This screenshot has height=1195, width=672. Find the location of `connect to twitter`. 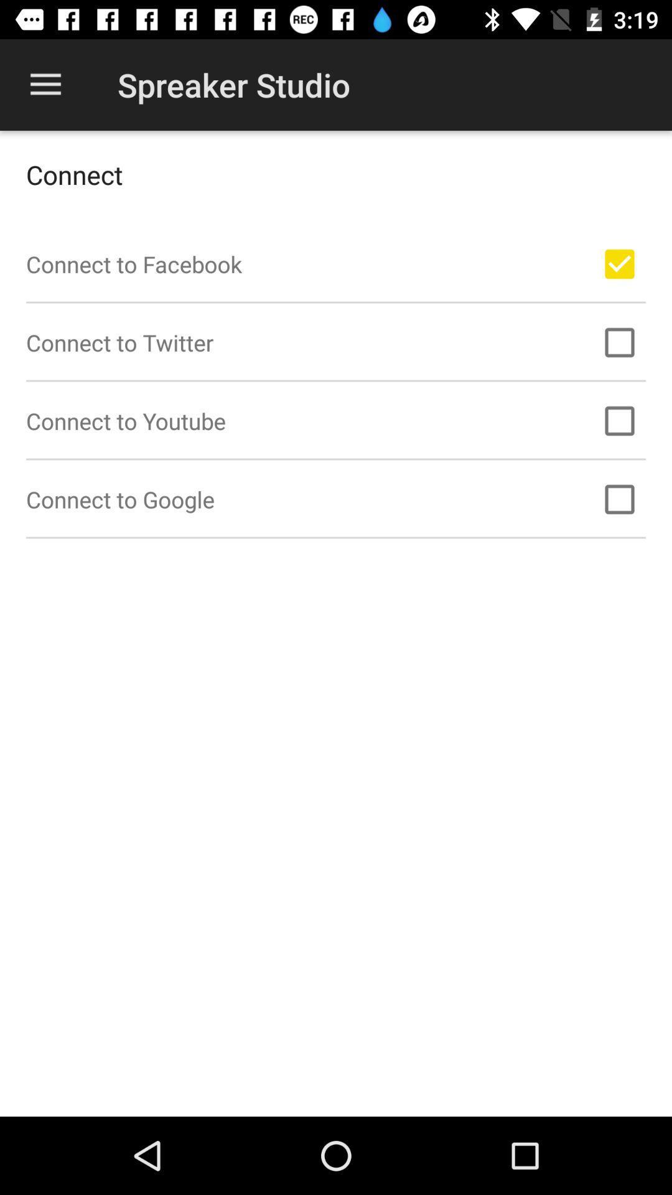

connect to twitter is located at coordinates (619, 342).